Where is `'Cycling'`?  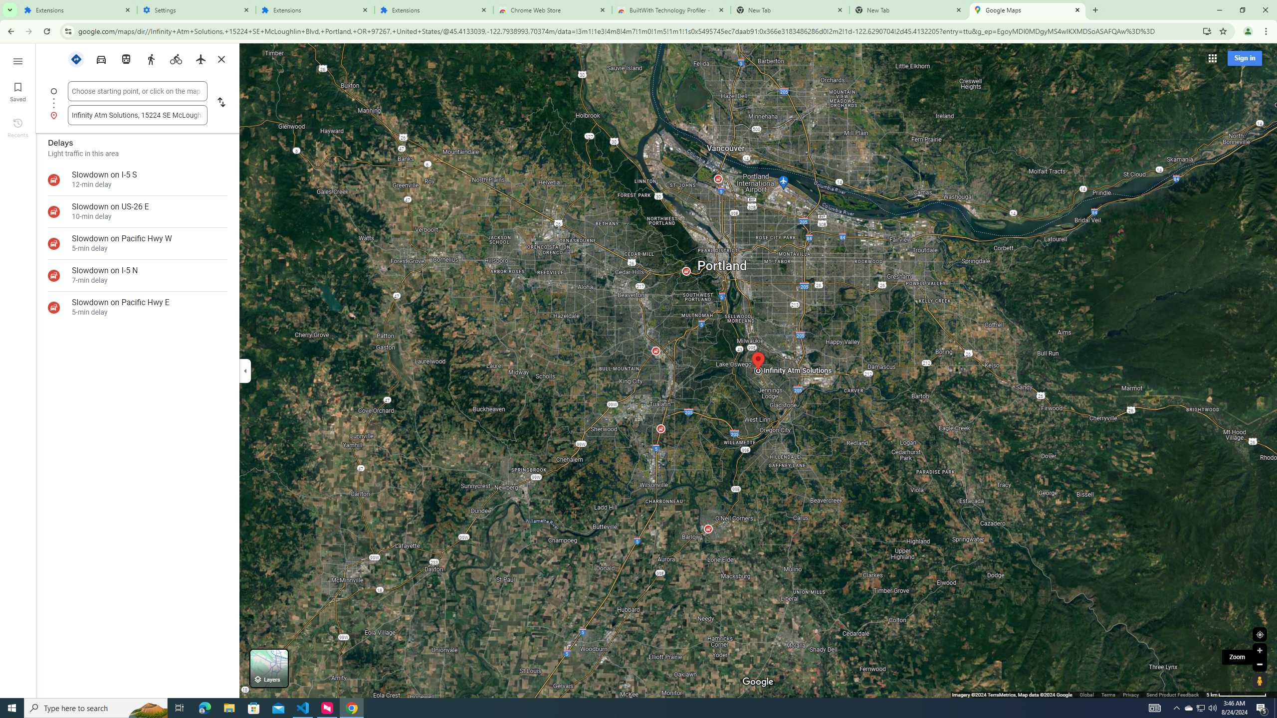 'Cycling' is located at coordinates (176, 58).